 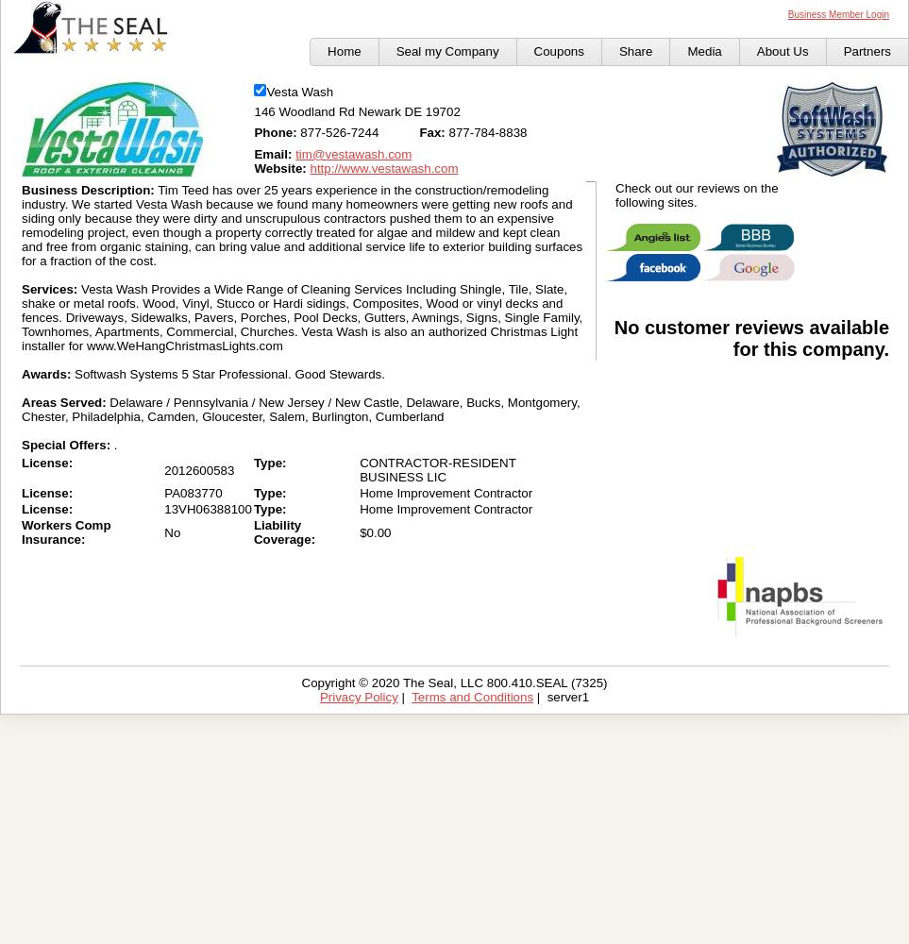 I want to click on 'Copyright © 2020 The Seal, LLC  800.410.SEAL (7325)', so click(x=453, y=682).